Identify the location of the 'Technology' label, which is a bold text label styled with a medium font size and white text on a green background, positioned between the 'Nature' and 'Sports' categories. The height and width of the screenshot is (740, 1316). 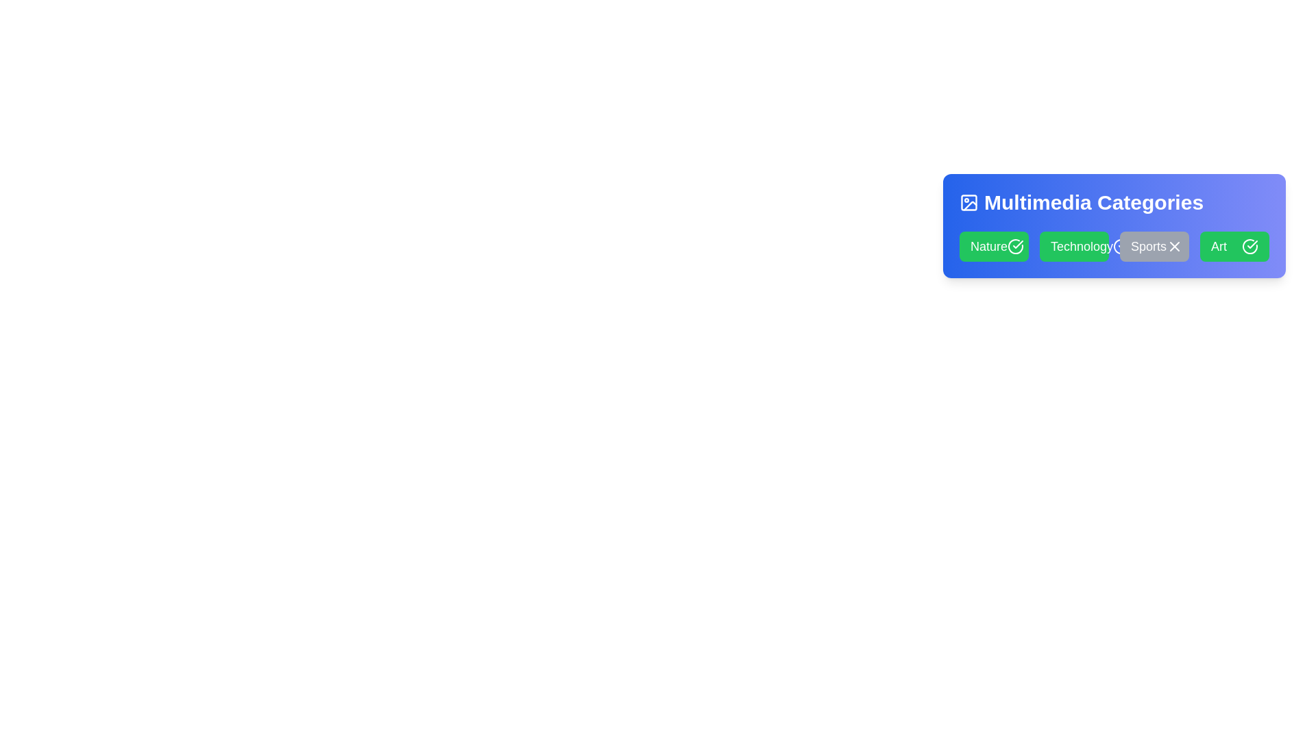
(1081, 245).